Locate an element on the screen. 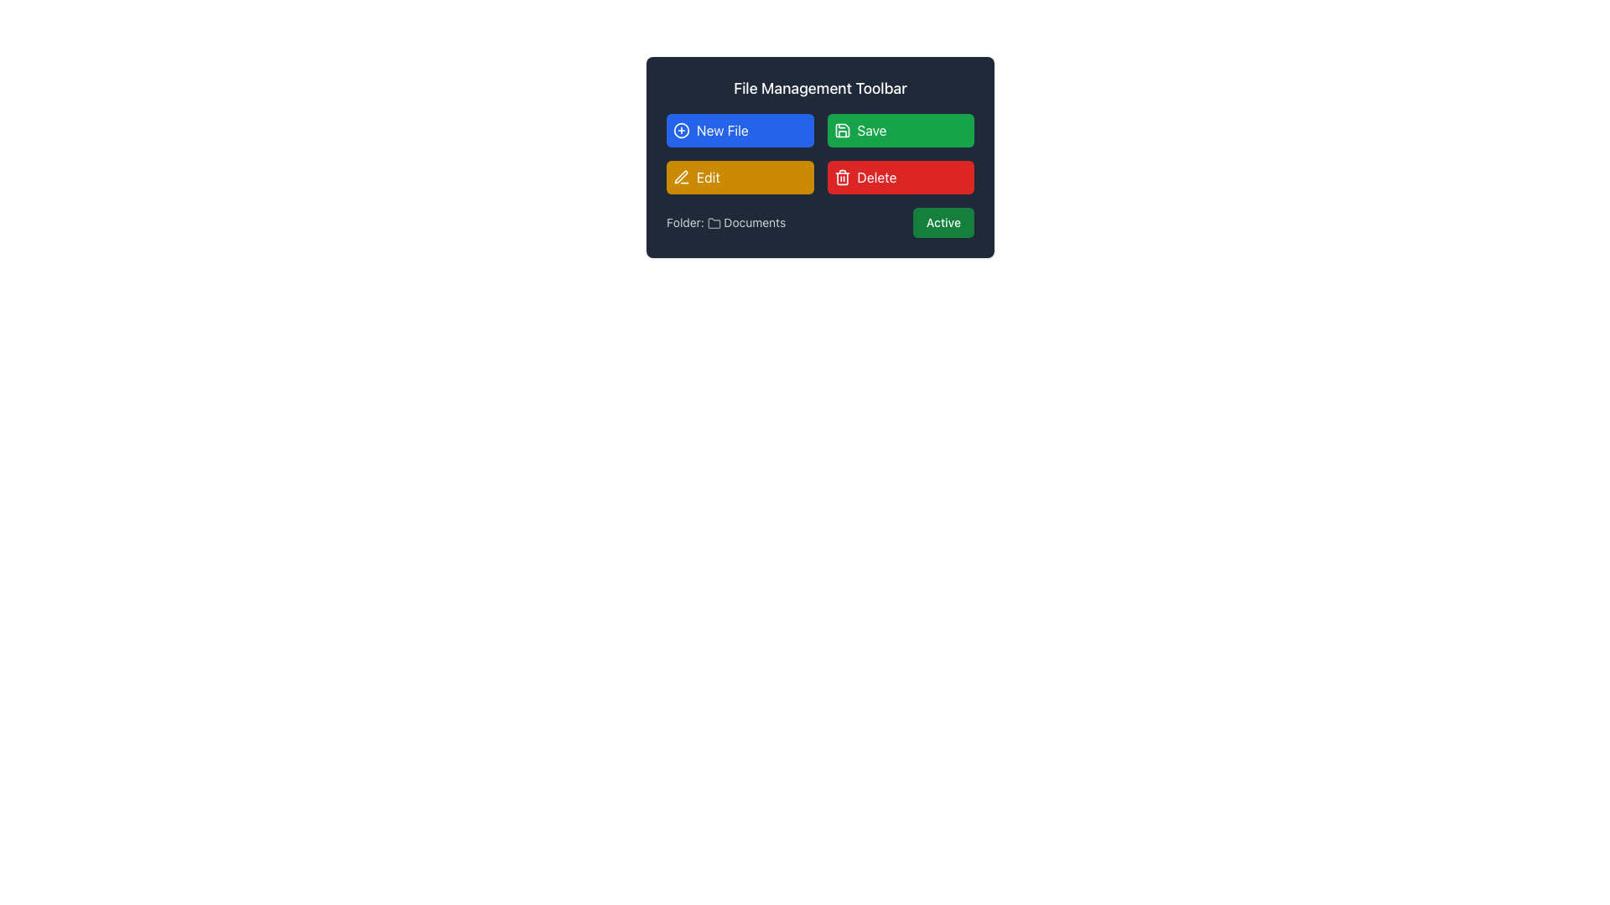  the active status button located to the far right of the 'Folder: Documents' text is located at coordinates (943, 222).